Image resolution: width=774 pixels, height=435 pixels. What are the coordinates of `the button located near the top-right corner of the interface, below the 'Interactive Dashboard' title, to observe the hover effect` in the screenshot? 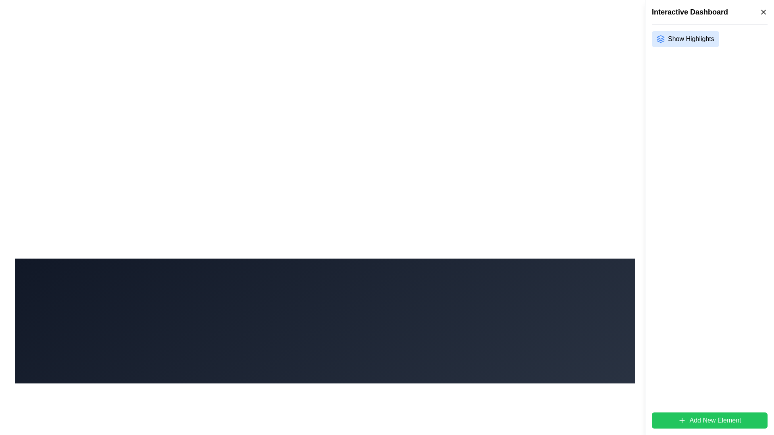 It's located at (685, 39).